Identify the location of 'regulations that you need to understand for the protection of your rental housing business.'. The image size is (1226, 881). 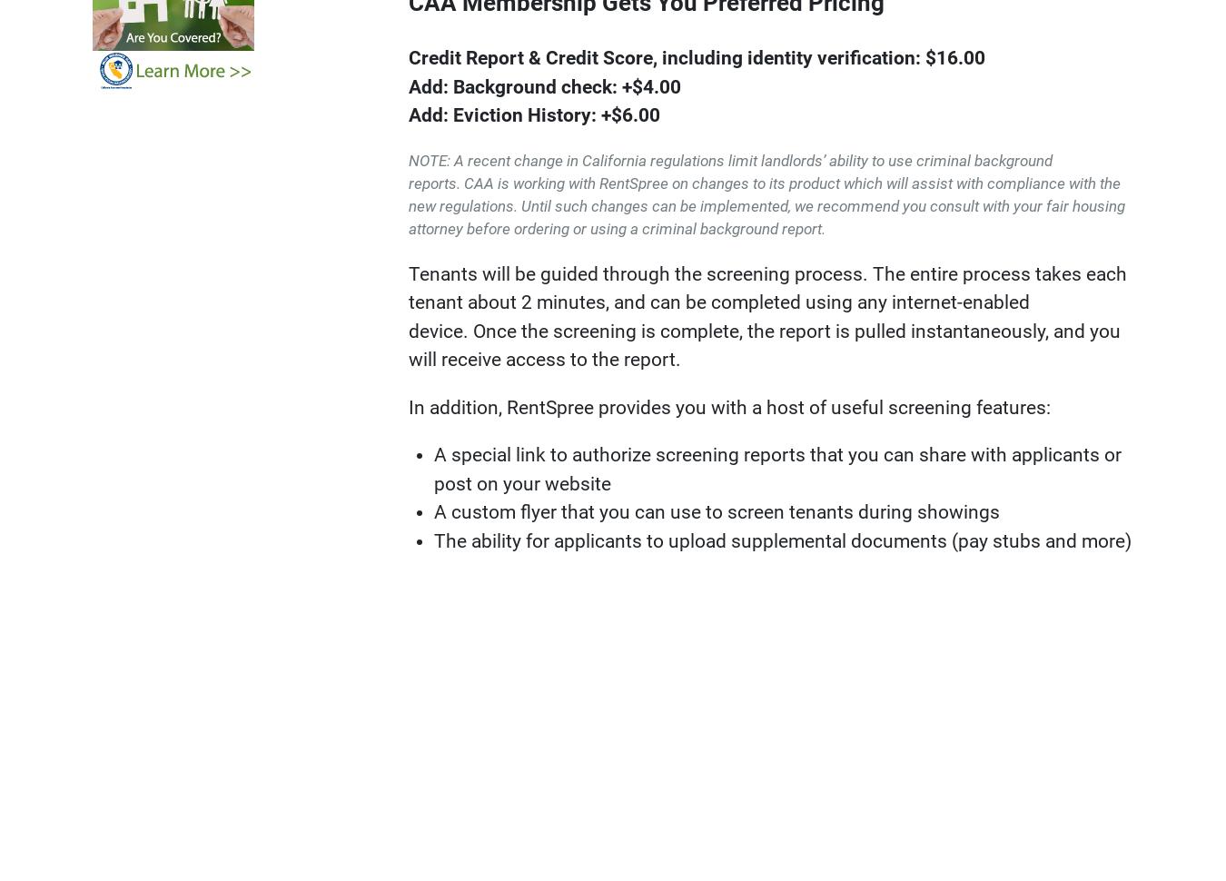
(323, 660).